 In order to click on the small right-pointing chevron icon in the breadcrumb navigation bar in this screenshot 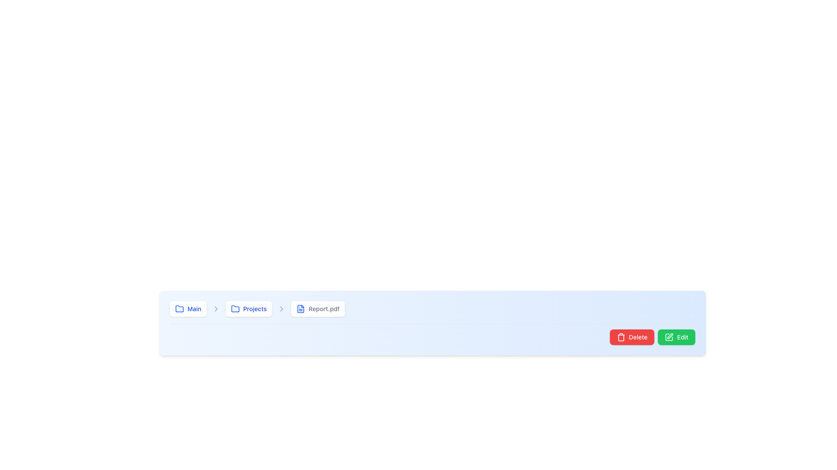, I will do `click(281, 308)`.